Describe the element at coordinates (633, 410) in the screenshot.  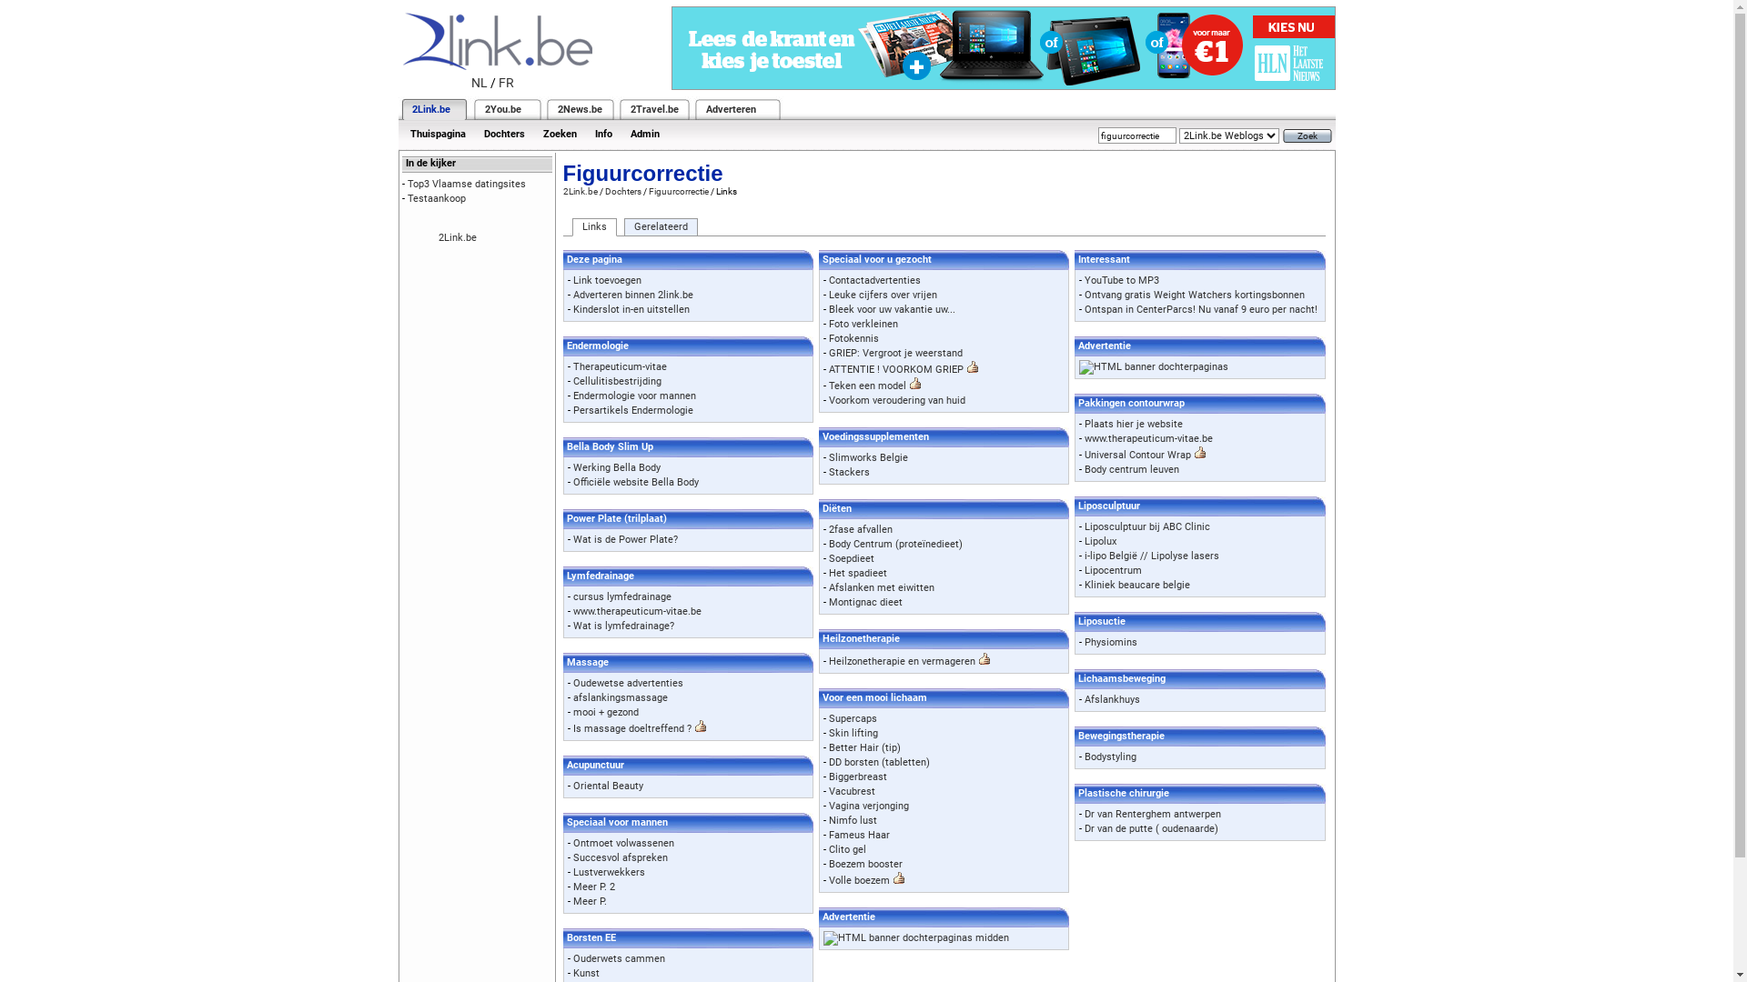
I see `'Persartikels Endermologie'` at that location.